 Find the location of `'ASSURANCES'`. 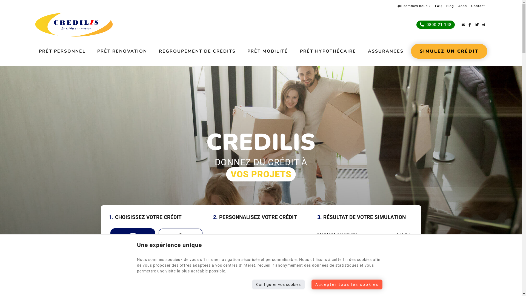

'ASSURANCES' is located at coordinates (385, 51).